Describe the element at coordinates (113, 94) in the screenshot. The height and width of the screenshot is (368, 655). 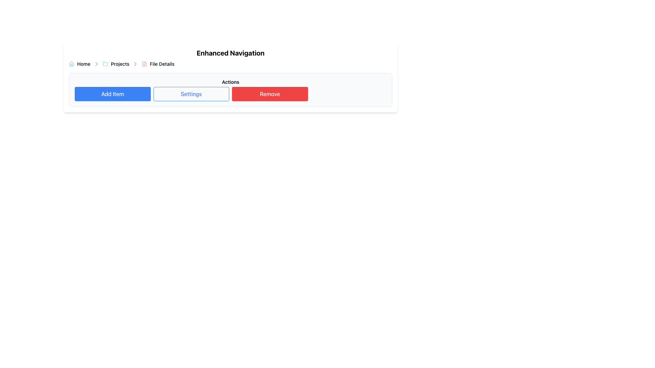
I see `the first button in the horizontal row of three buttons, which is intended for adding an item` at that location.